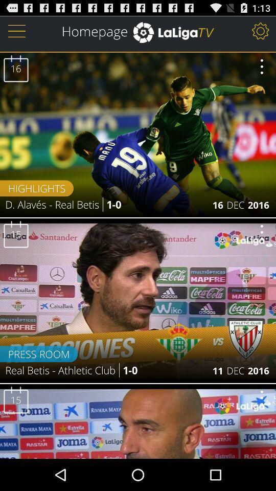  I want to click on the number 15 in the bottom image, so click(15, 400).